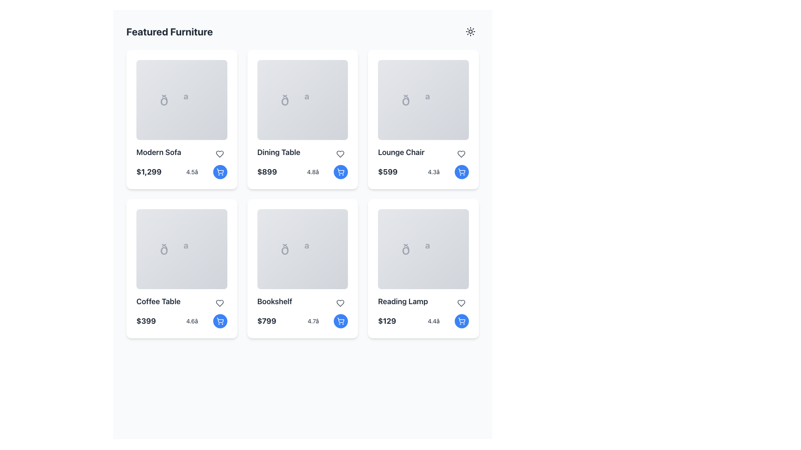  I want to click on the 'Add to Cart' button located in the lower-right corner of the 'Lounge Chair' product card, so click(461, 171).